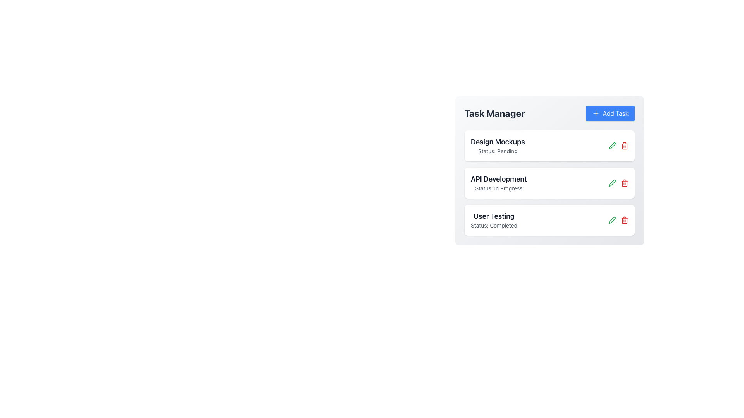 This screenshot has height=418, width=744. Describe the element at coordinates (611, 146) in the screenshot. I see `the green pen icon button, which is the first icon to the right of the 'API Development: Status: In Progress' entry` at that location.